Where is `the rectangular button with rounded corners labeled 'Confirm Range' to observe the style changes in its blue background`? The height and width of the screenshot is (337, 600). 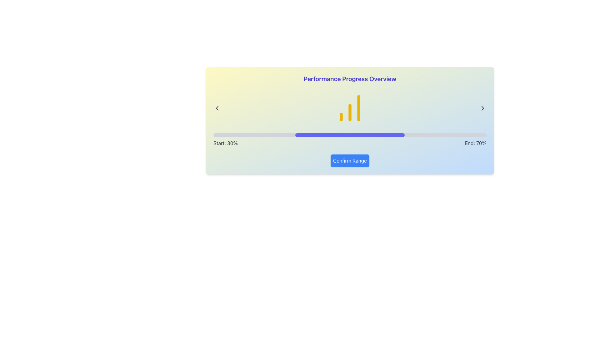 the rectangular button with rounded corners labeled 'Confirm Range' to observe the style changes in its blue background is located at coordinates (349, 160).